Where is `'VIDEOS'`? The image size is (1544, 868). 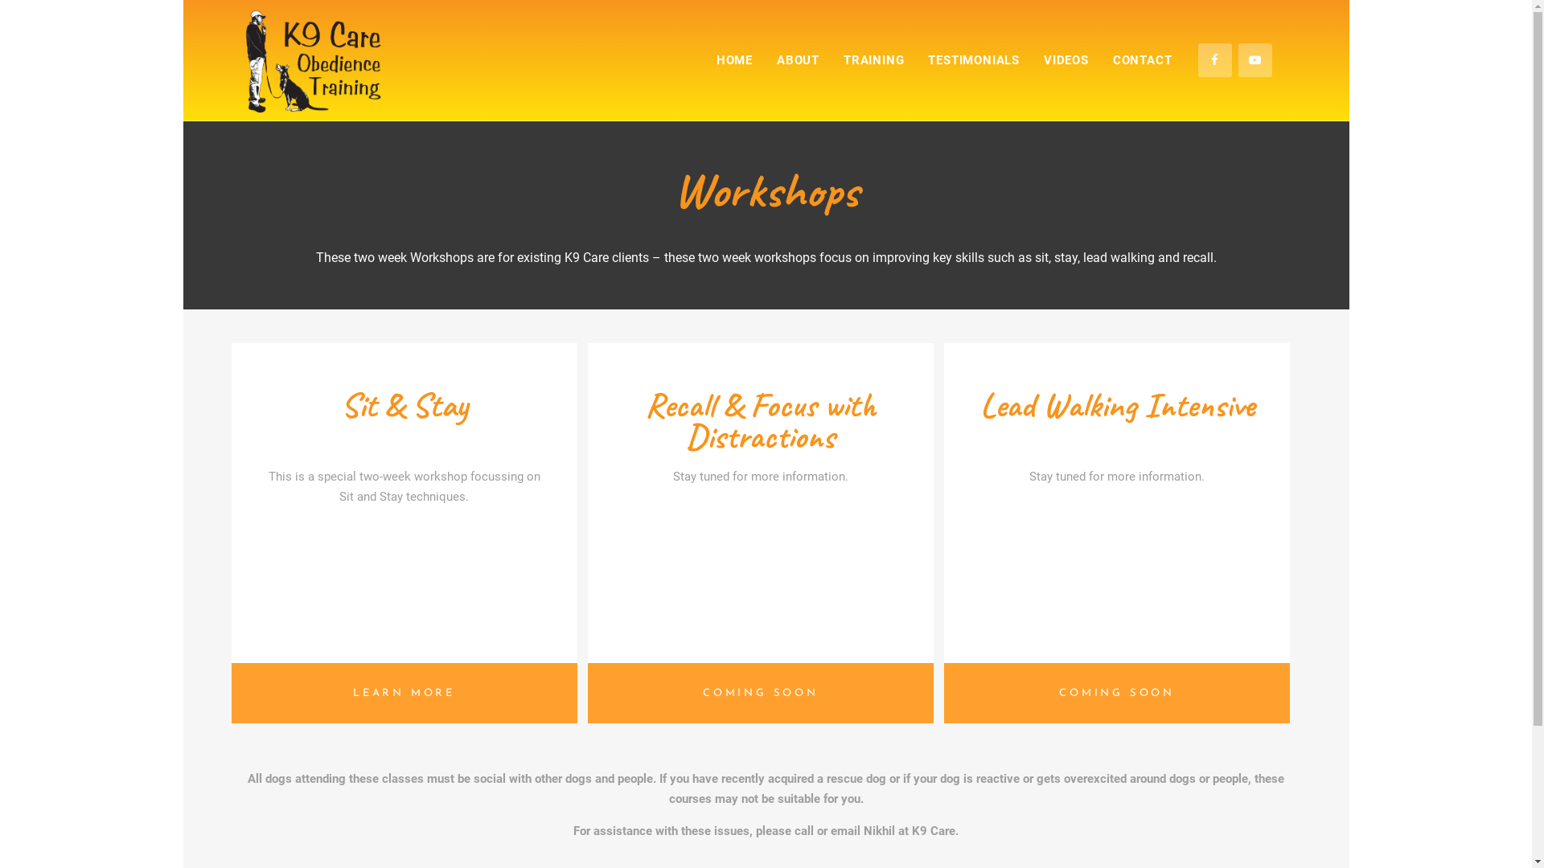
'VIDEOS' is located at coordinates (1066, 59).